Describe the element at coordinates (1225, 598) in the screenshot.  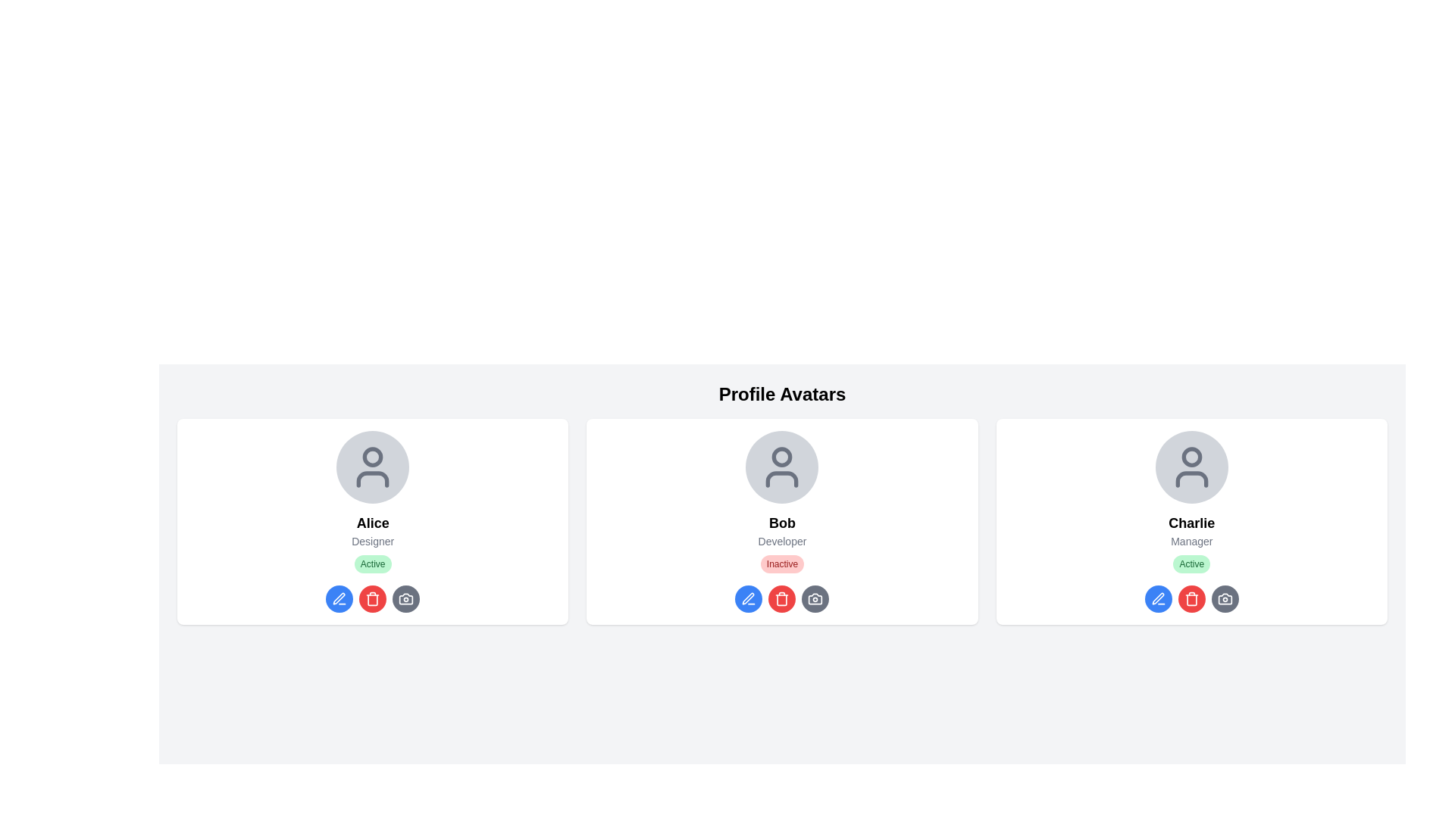
I see `the camera icon, which is outlined and positioned to the right of the pencil and trash icons in the profile card section of Charlie` at that location.